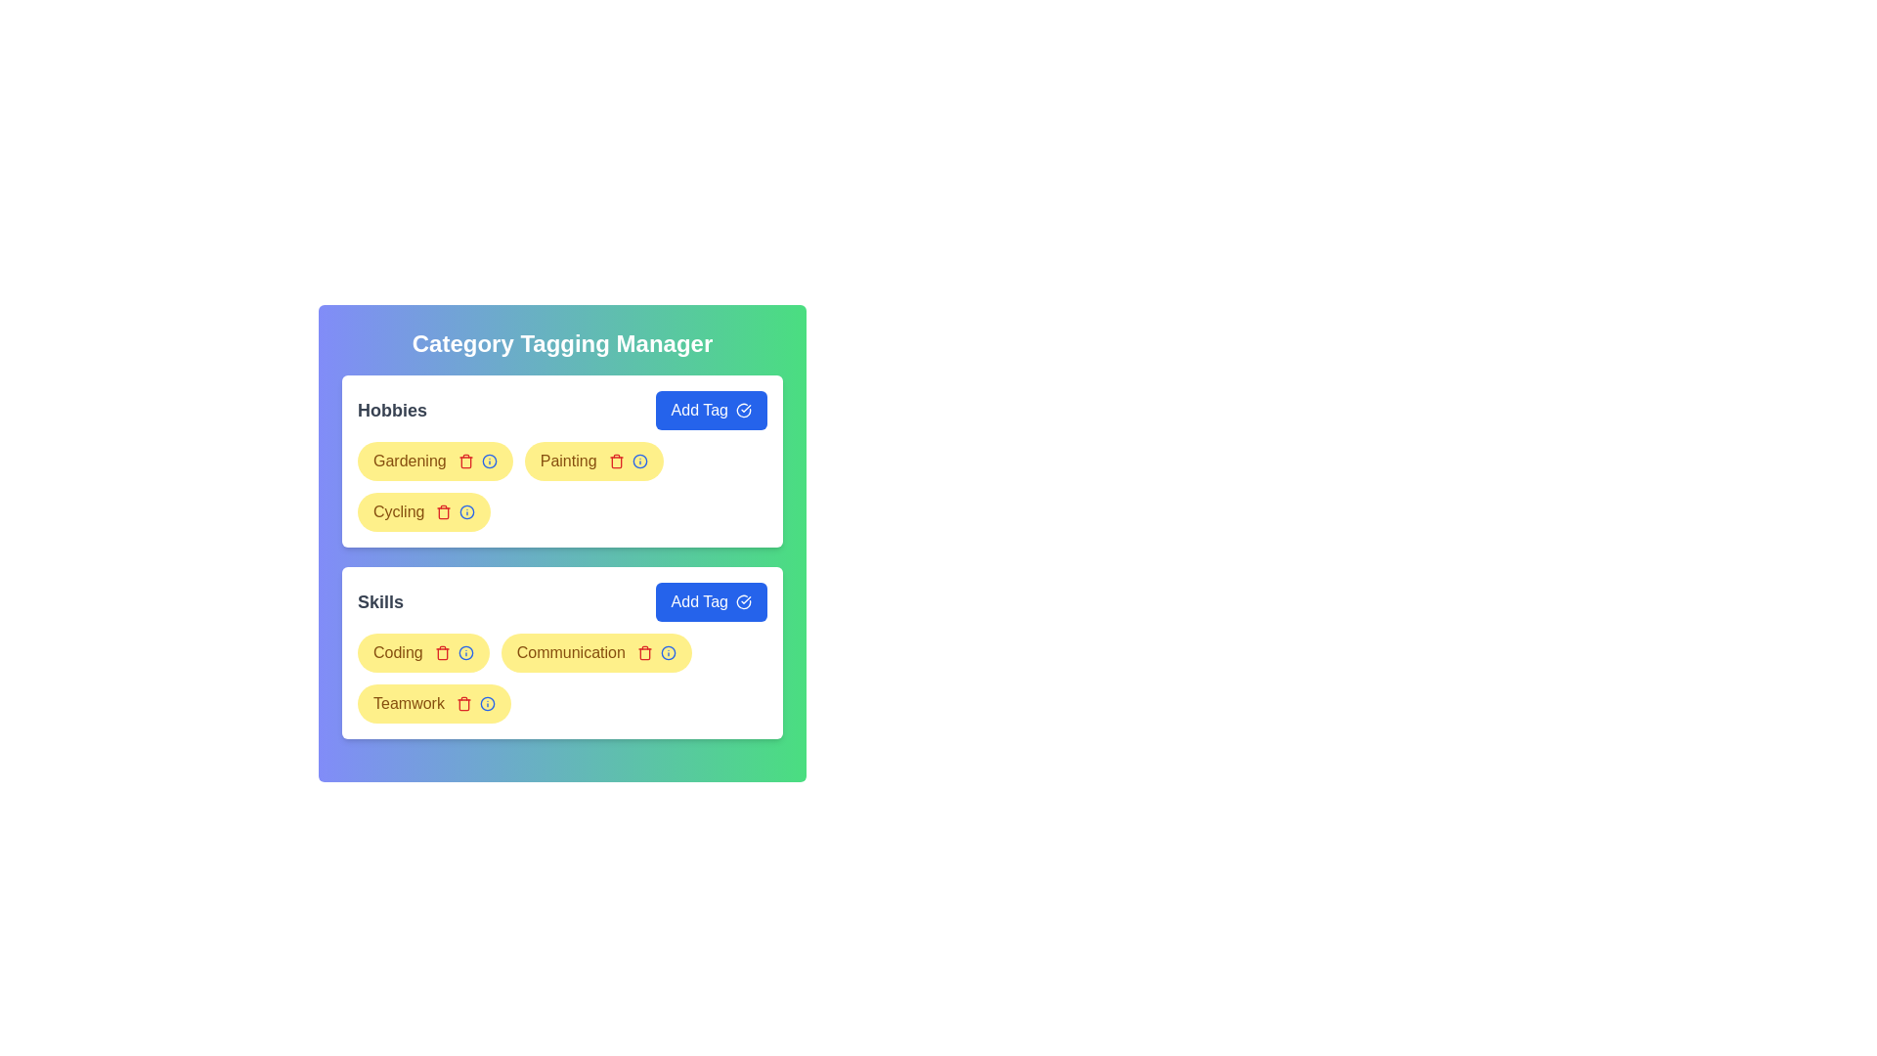  What do you see at coordinates (743, 410) in the screenshot?
I see `the checkmark icon within the 'Add Tag' button located in the 'Hobbies' section of the interface` at bounding box center [743, 410].